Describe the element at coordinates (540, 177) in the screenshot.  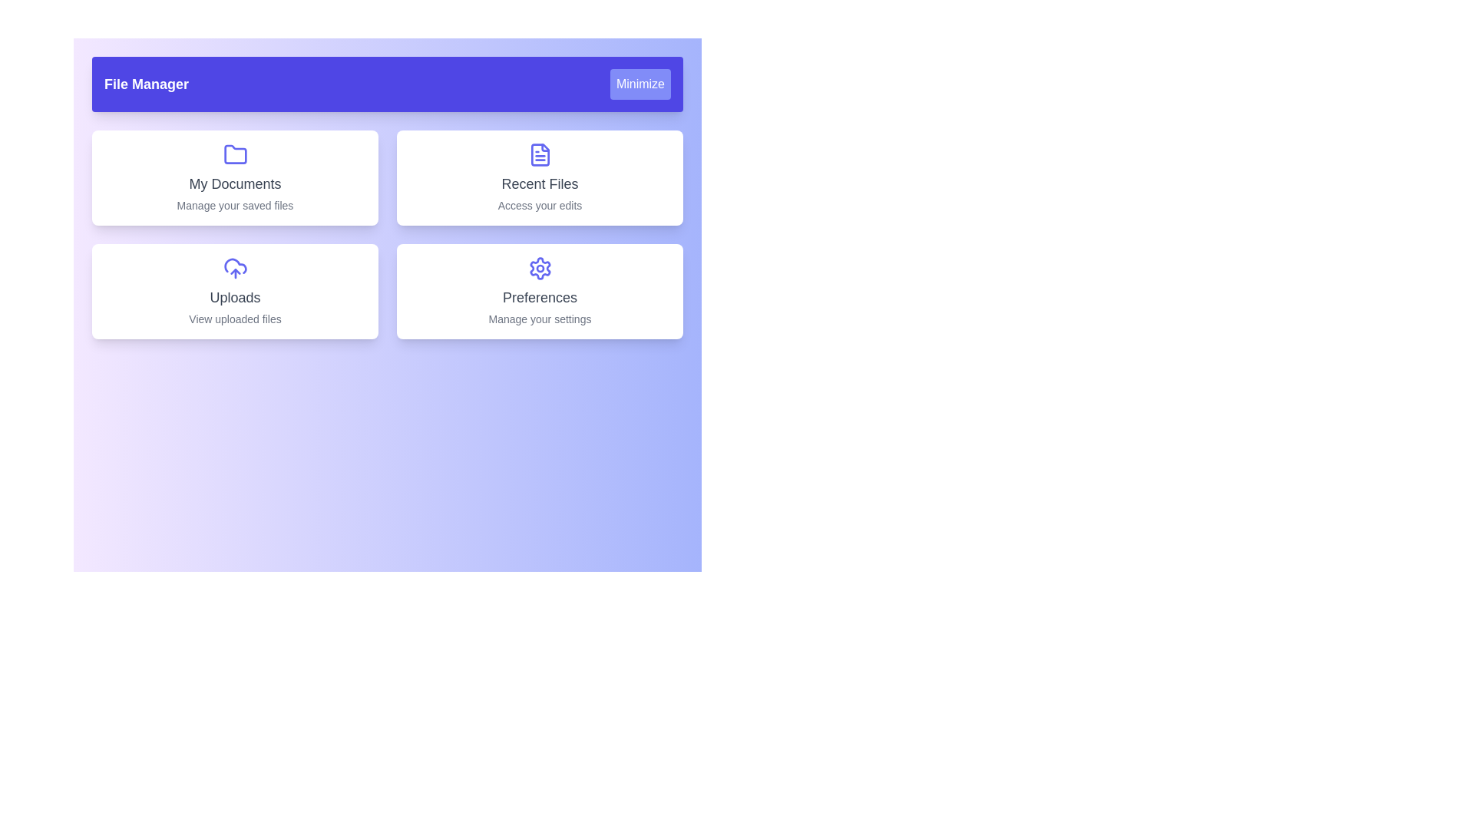
I see `the section labeled Recent Files to explore its functionality` at that location.